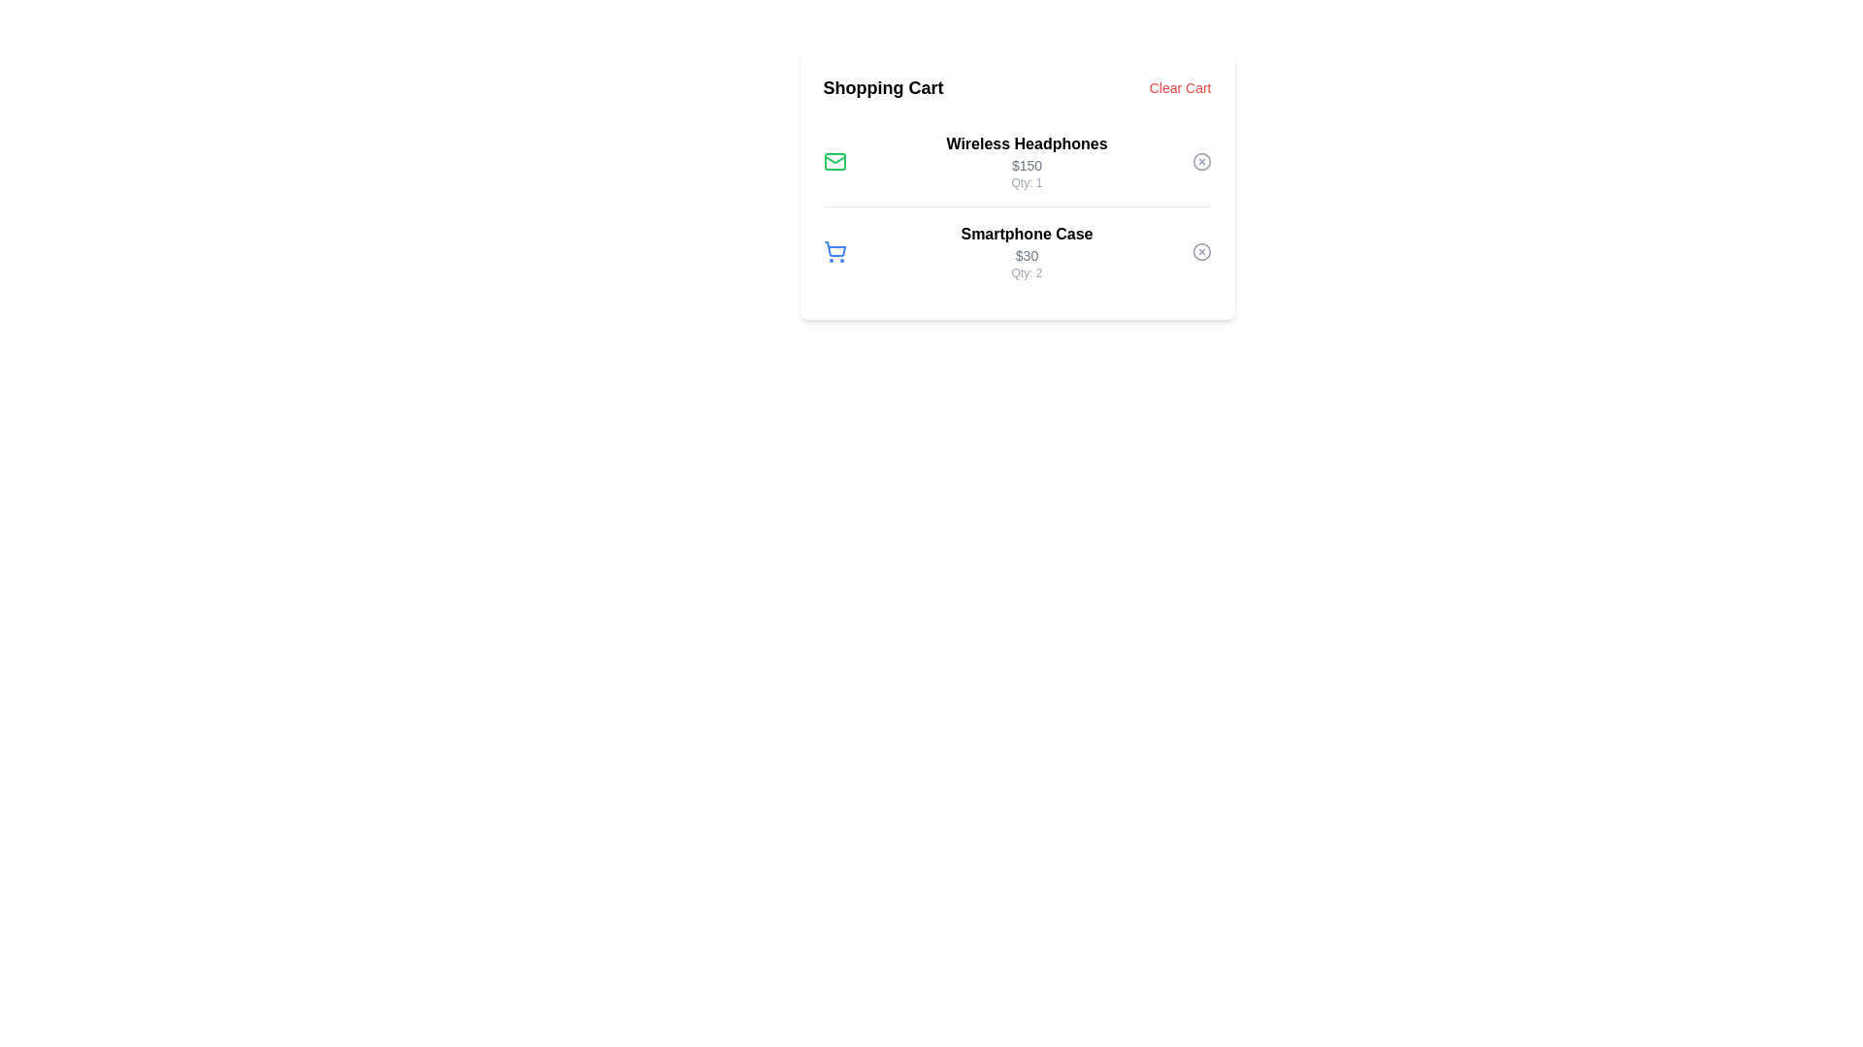 The height and width of the screenshot is (1047, 1863). What do you see at coordinates (1026, 254) in the screenshot?
I see `the text label displaying the price "$30", which is located below the text "Smartphone Case" and above "Qty: 2" in the shopping cart interface` at bounding box center [1026, 254].